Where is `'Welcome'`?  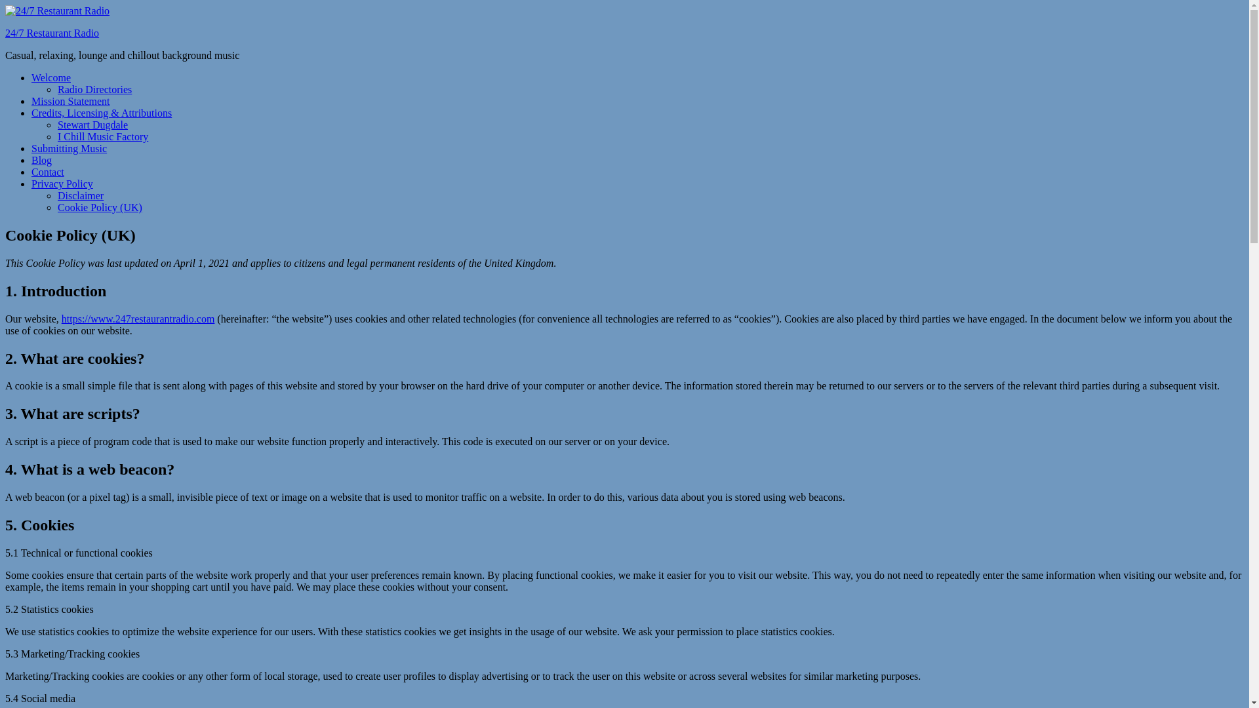 'Welcome' is located at coordinates (50, 77).